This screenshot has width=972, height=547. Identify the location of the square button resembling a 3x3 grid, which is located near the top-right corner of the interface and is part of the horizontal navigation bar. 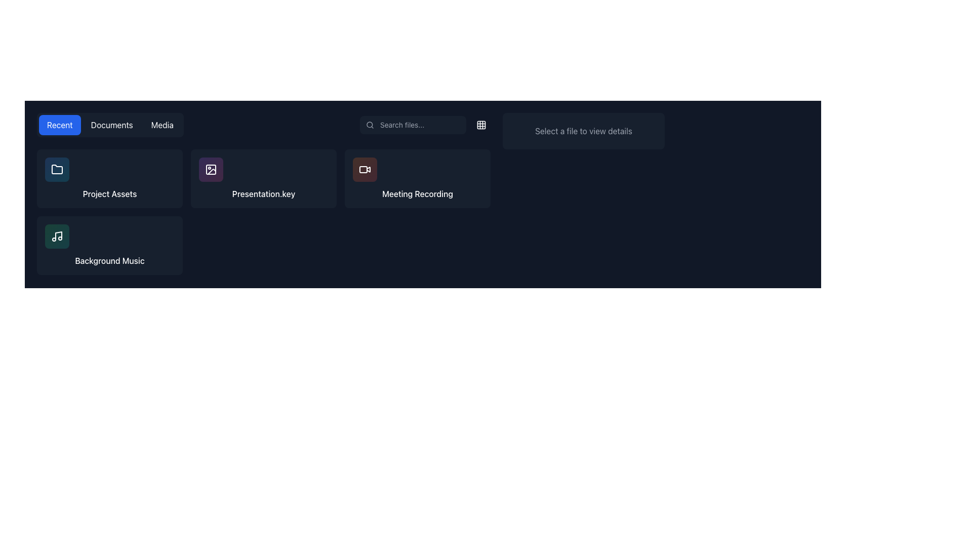
(480, 124).